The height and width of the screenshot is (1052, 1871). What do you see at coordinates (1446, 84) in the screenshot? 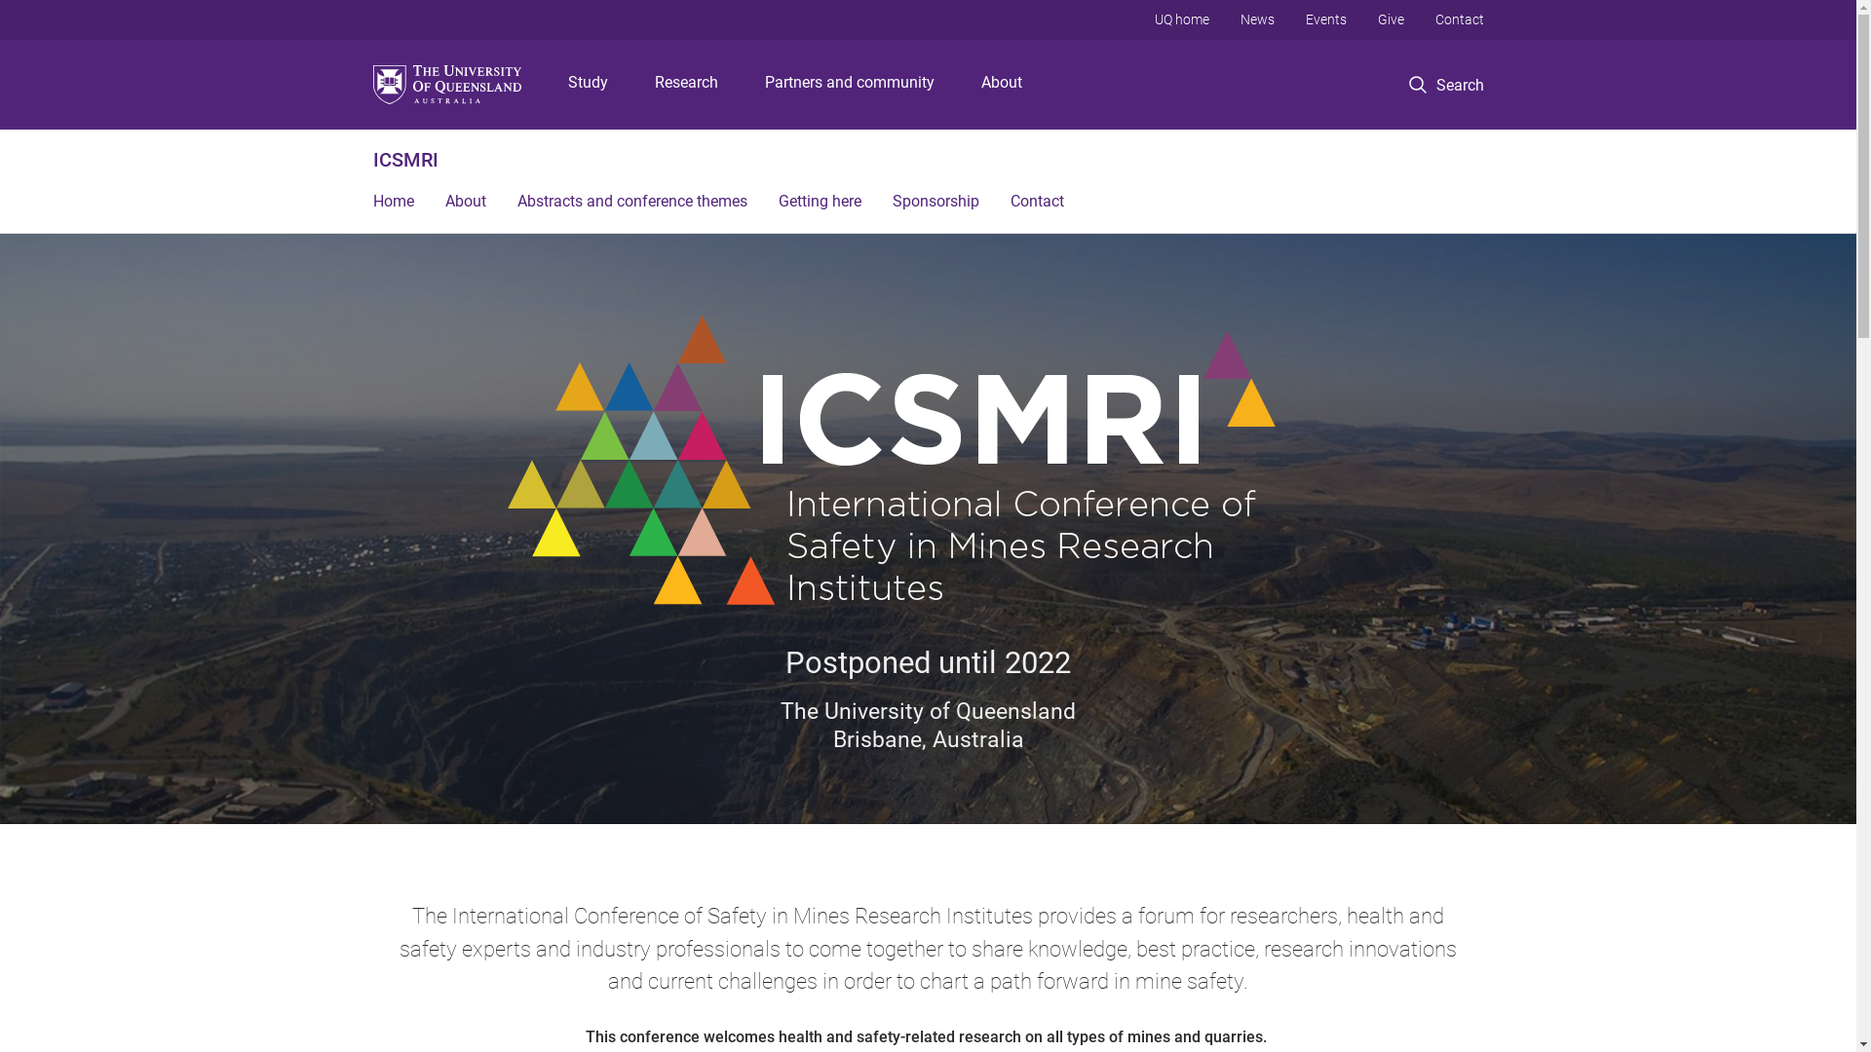
I see `'Search'` at bounding box center [1446, 84].